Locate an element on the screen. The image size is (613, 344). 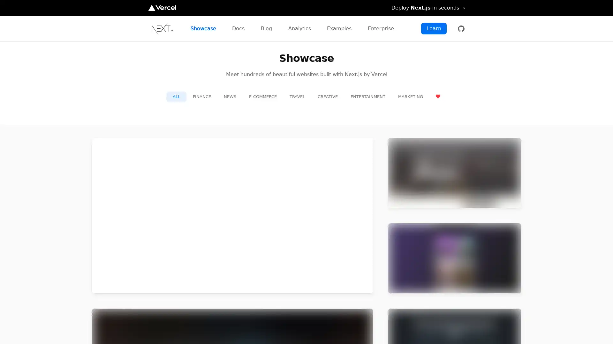
TRAVEL is located at coordinates (297, 97).